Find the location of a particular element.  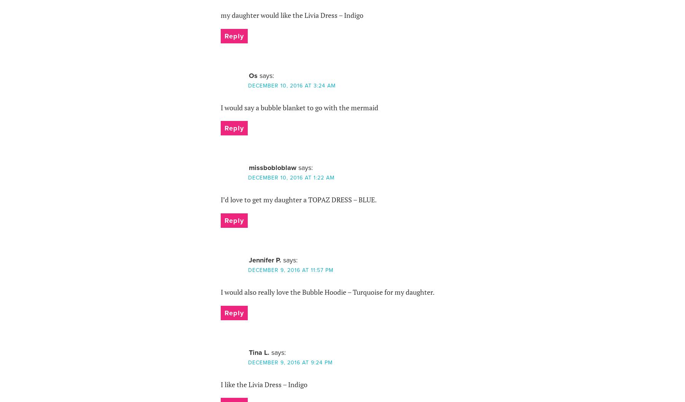

'Tina L.' is located at coordinates (258, 352).